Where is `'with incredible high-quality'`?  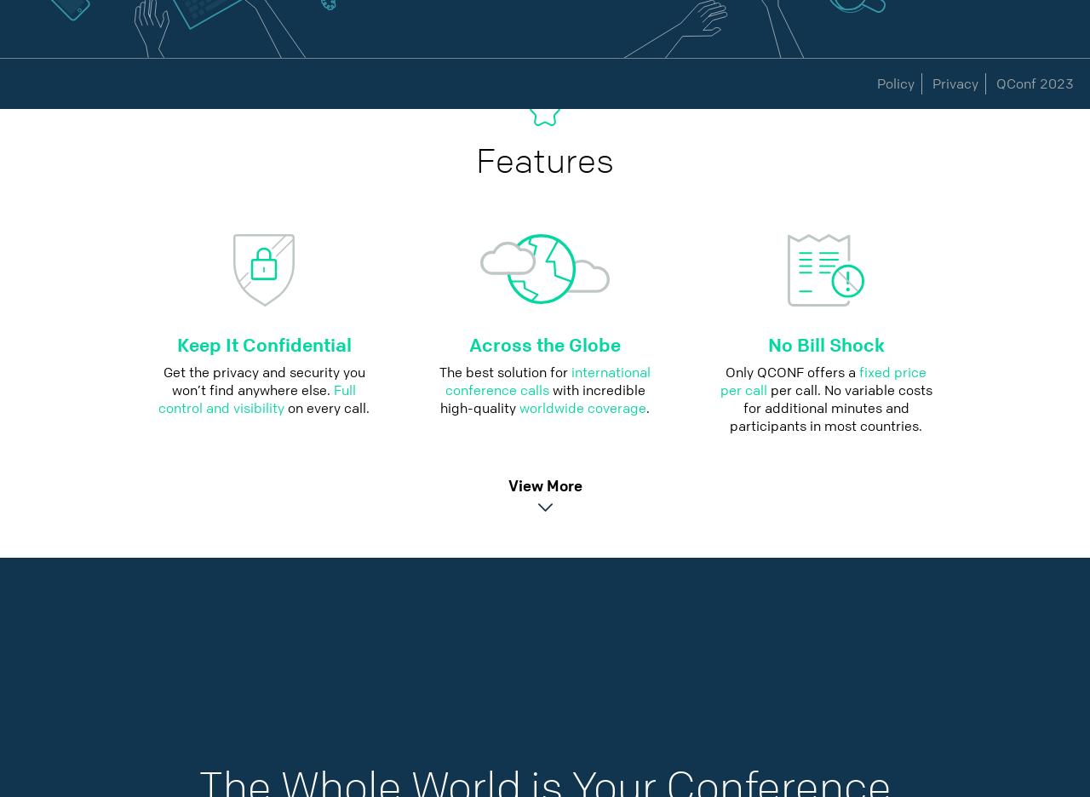 'with incredible high-quality' is located at coordinates (542, 398).